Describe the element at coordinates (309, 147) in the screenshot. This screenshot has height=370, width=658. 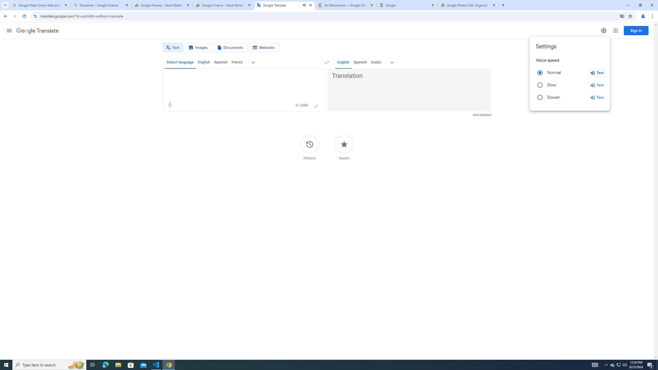
I see `'History'` at that location.